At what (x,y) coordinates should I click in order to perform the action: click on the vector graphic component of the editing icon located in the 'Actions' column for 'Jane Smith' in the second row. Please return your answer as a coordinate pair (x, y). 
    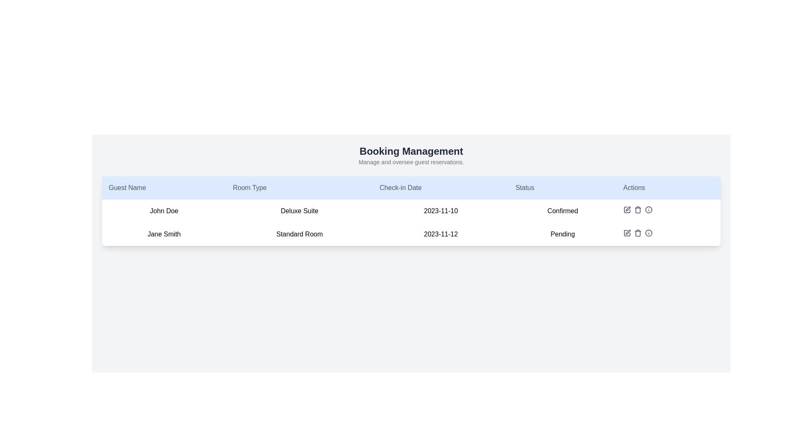
    Looking at the image, I should click on (627, 233).